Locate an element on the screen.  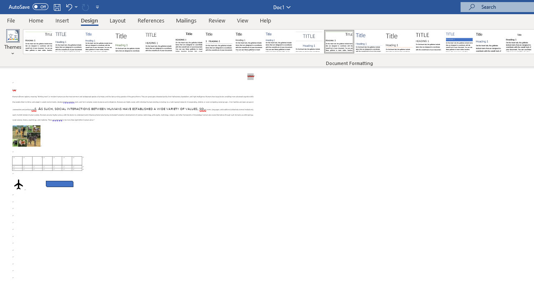
'Themes' is located at coordinates (13, 43).